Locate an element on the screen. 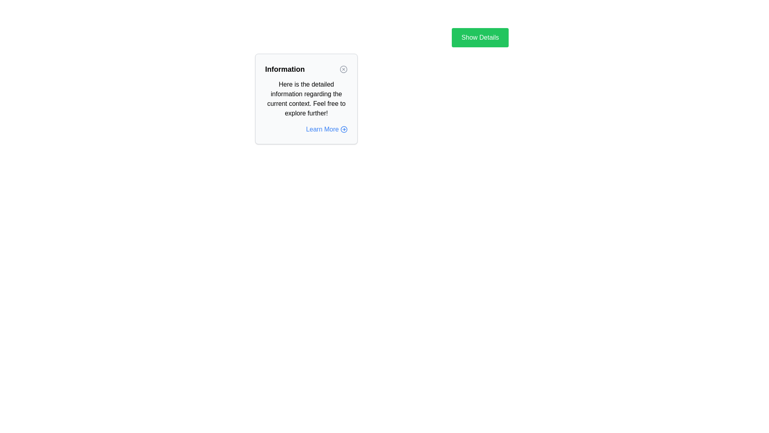 The image size is (769, 433). the 'Learn More' hyperlink with a circular arrow icon is located at coordinates (327, 129).